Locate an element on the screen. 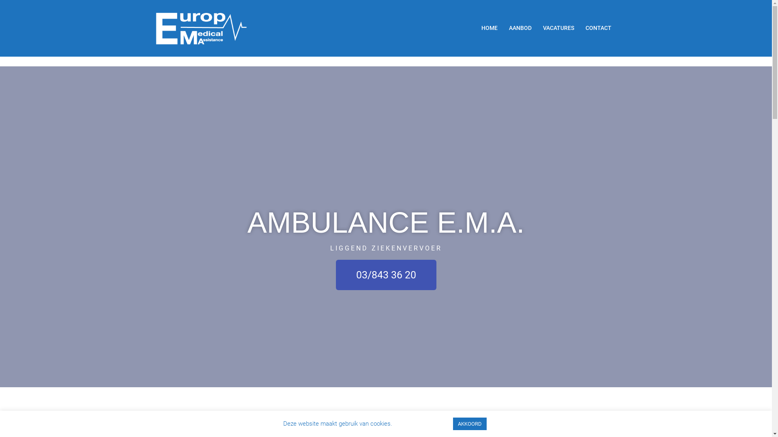  'AMBULANCE E.M.A.' is located at coordinates (155, 27).